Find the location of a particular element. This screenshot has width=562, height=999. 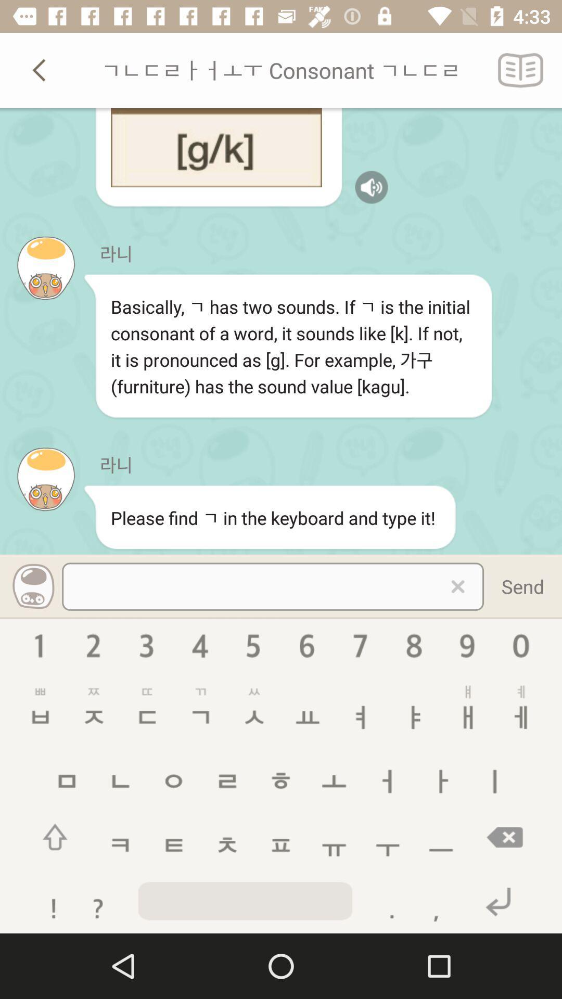

the add icon is located at coordinates (200, 709).